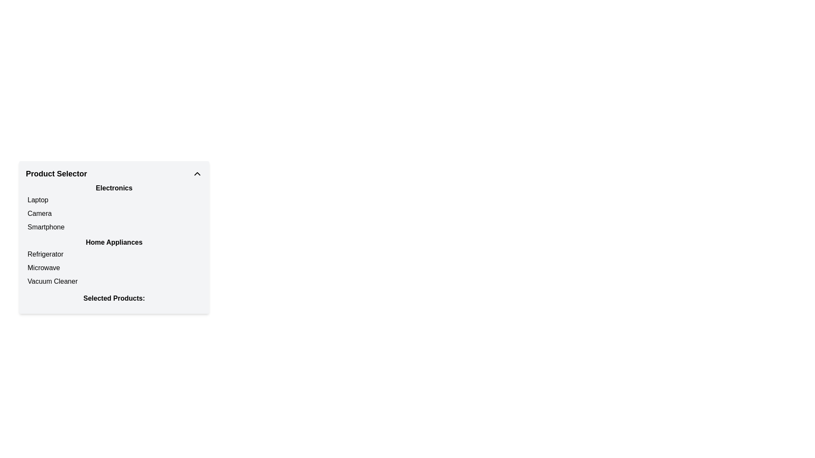 The width and height of the screenshot is (815, 458). What do you see at coordinates (197, 173) in the screenshot?
I see `the toggle button located at the top-right corner of the 'Product Selector' section` at bounding box center [197, 173].